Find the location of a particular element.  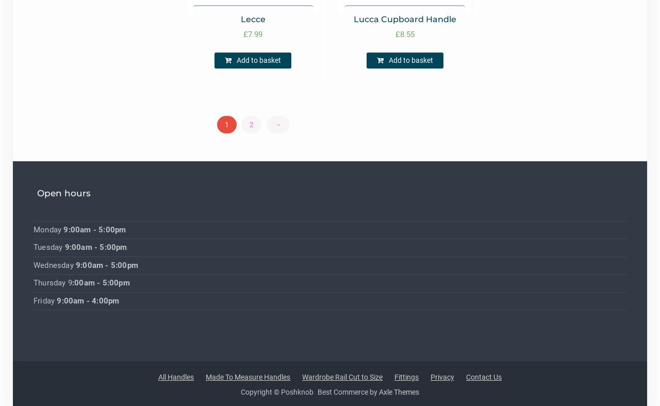

'Open hours' is located at coordinates (63, 193).